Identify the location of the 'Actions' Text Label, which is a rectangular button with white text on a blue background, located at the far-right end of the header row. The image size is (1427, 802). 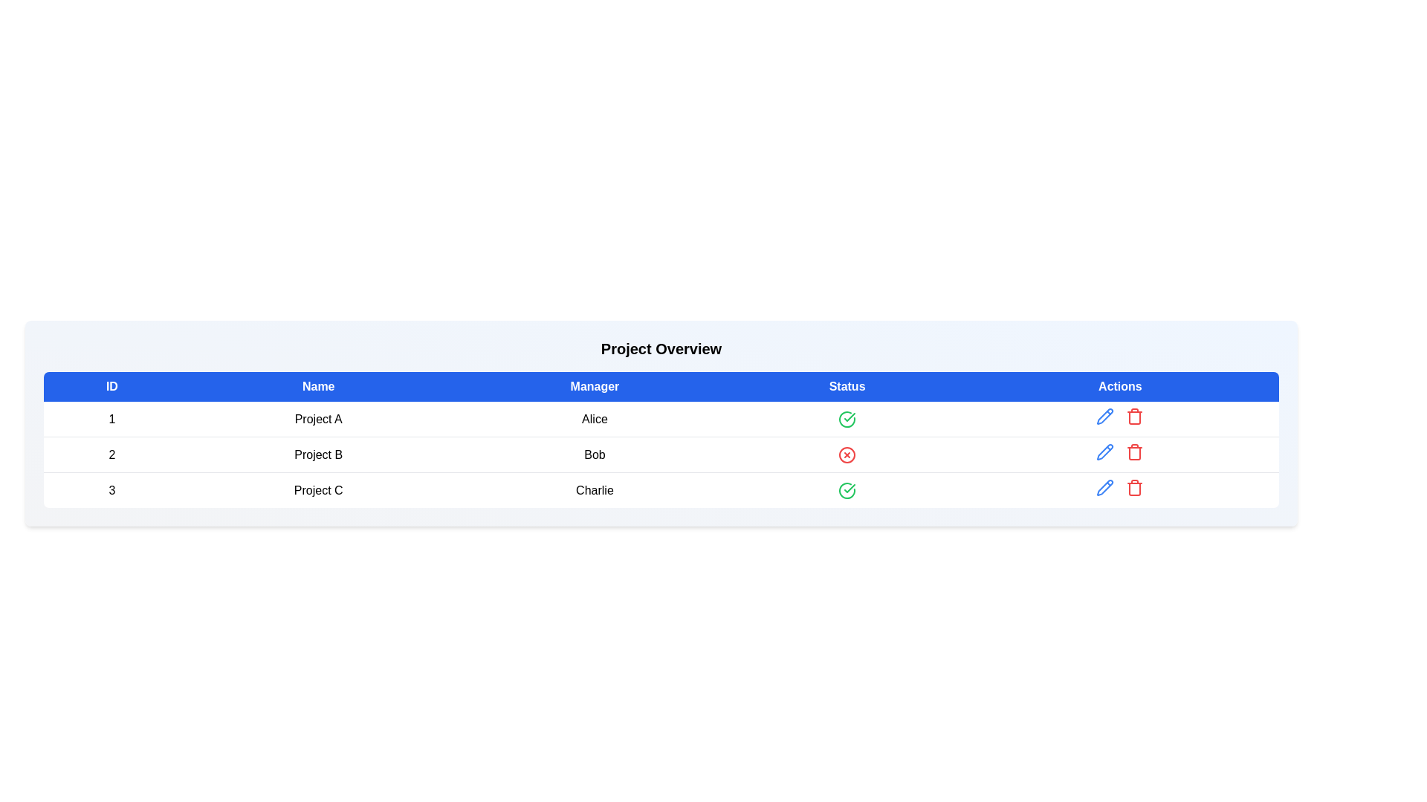
(1120, 385).